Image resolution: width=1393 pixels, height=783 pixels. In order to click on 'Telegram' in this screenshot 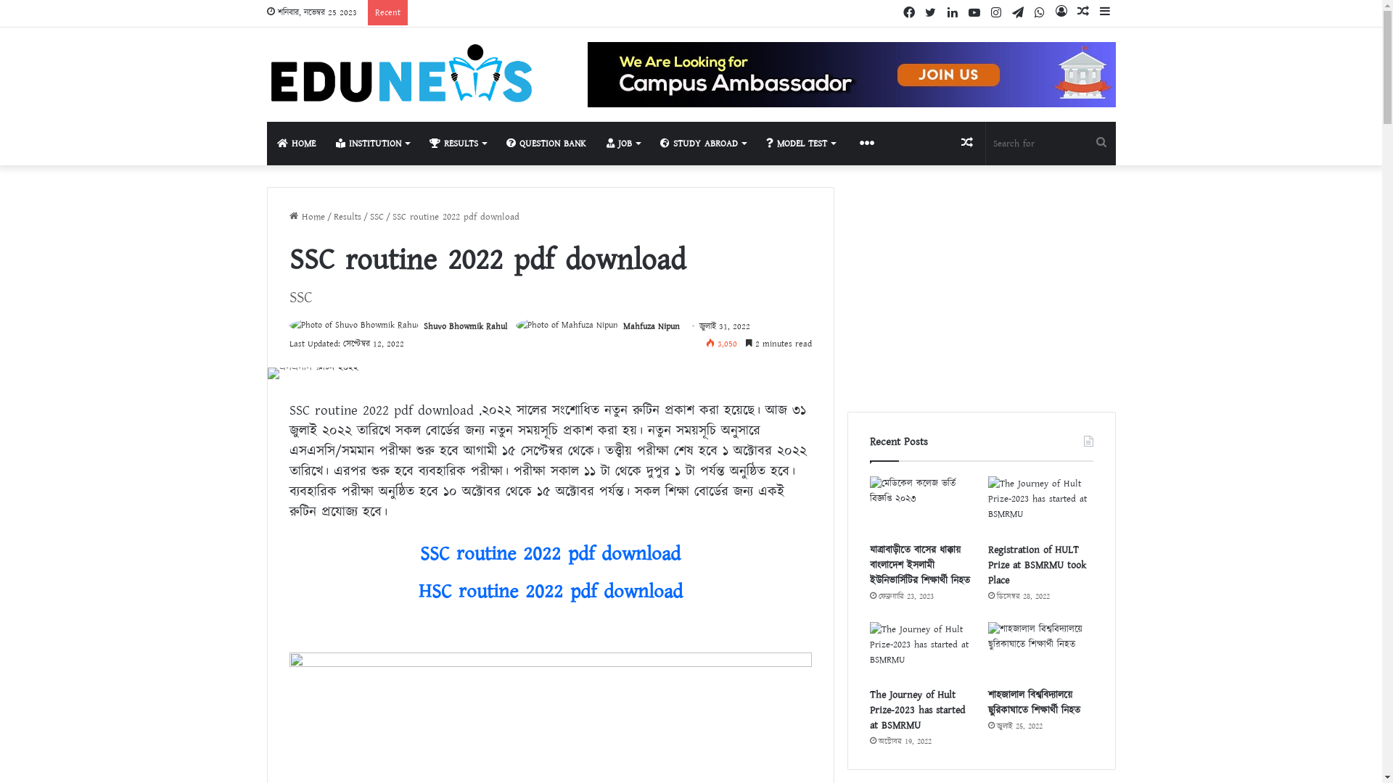, I will do `click(1016, 13)`.